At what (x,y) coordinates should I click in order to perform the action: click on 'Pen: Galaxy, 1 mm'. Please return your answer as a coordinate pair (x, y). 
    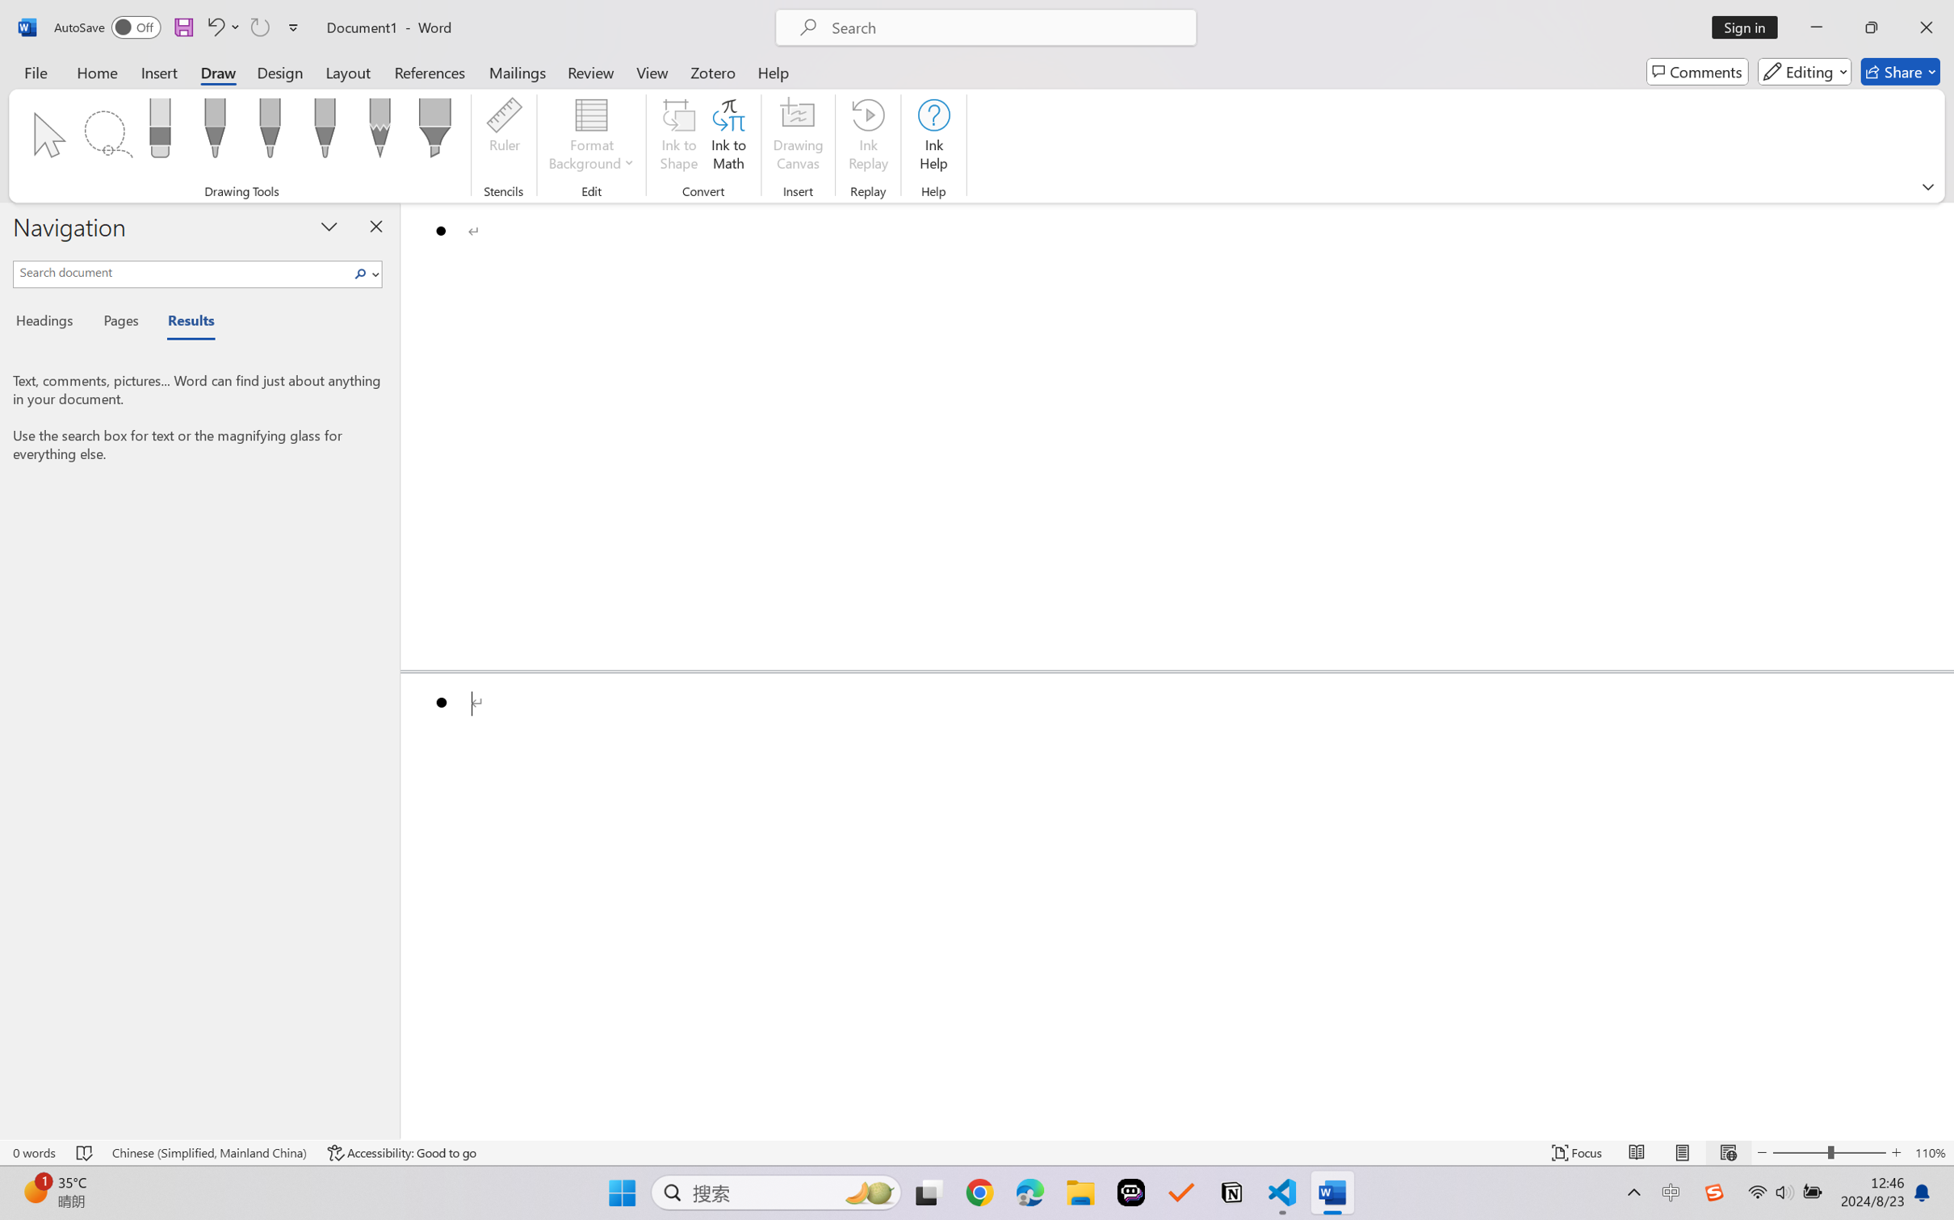
    Looking at the image, I should click on (323, 132).